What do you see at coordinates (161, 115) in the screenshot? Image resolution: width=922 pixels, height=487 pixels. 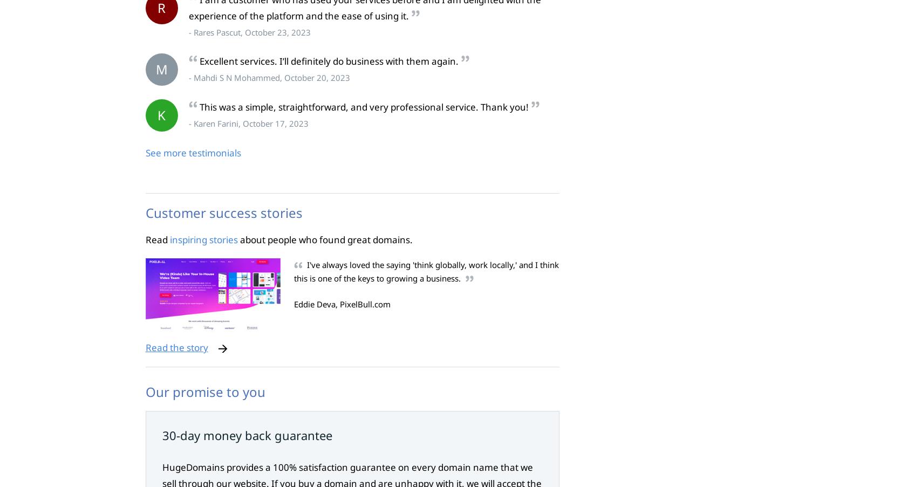 I see `'K'` at bounding box center [161, 115].